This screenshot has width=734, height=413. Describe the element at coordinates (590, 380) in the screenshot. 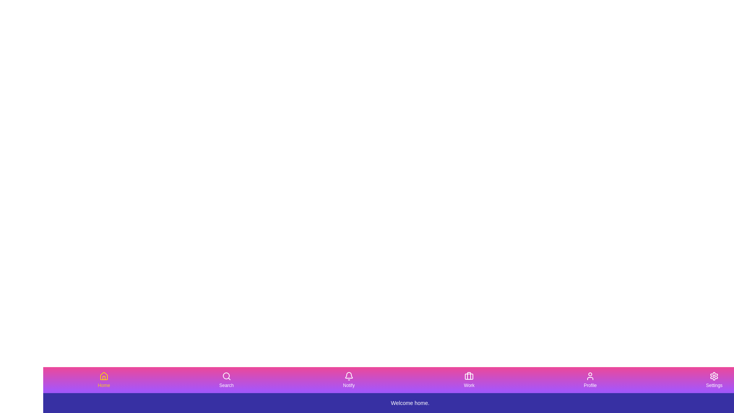

I see `the Profile button` at that location.